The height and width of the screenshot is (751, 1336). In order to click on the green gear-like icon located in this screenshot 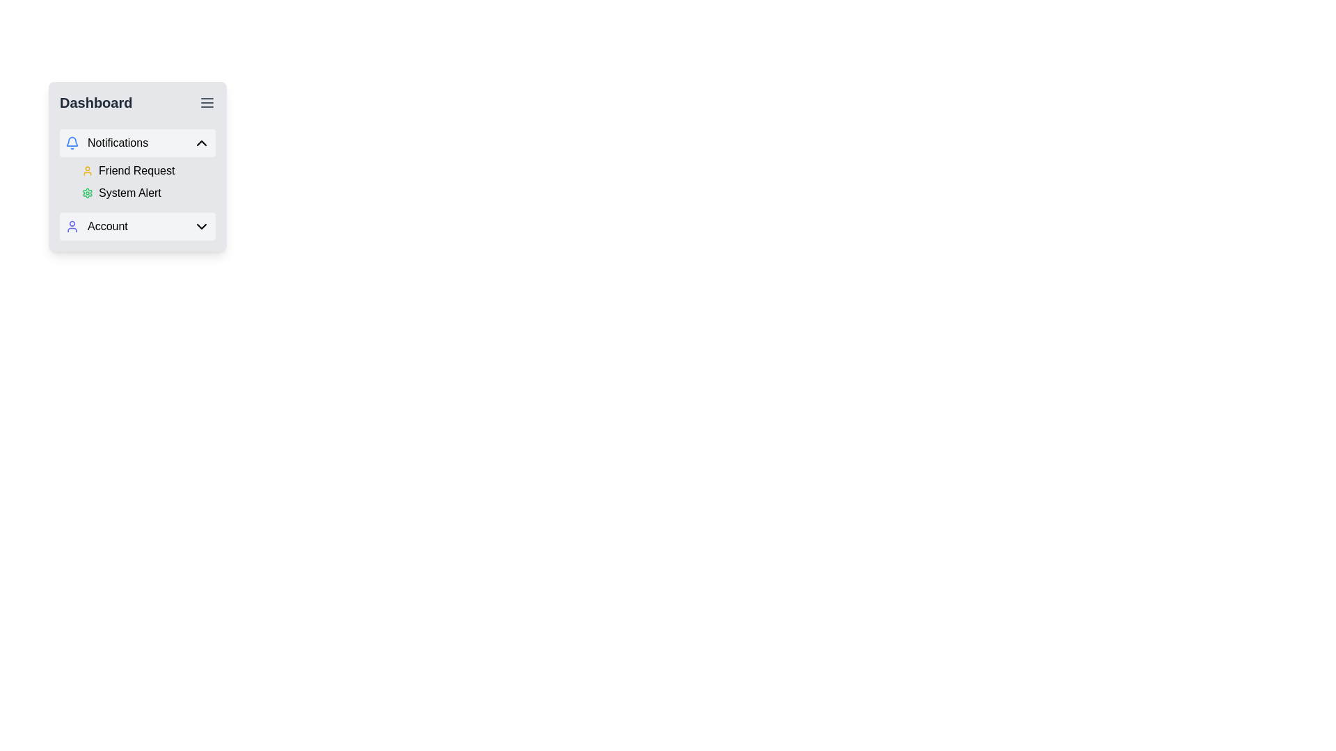, I will do `click(86, 193)`.